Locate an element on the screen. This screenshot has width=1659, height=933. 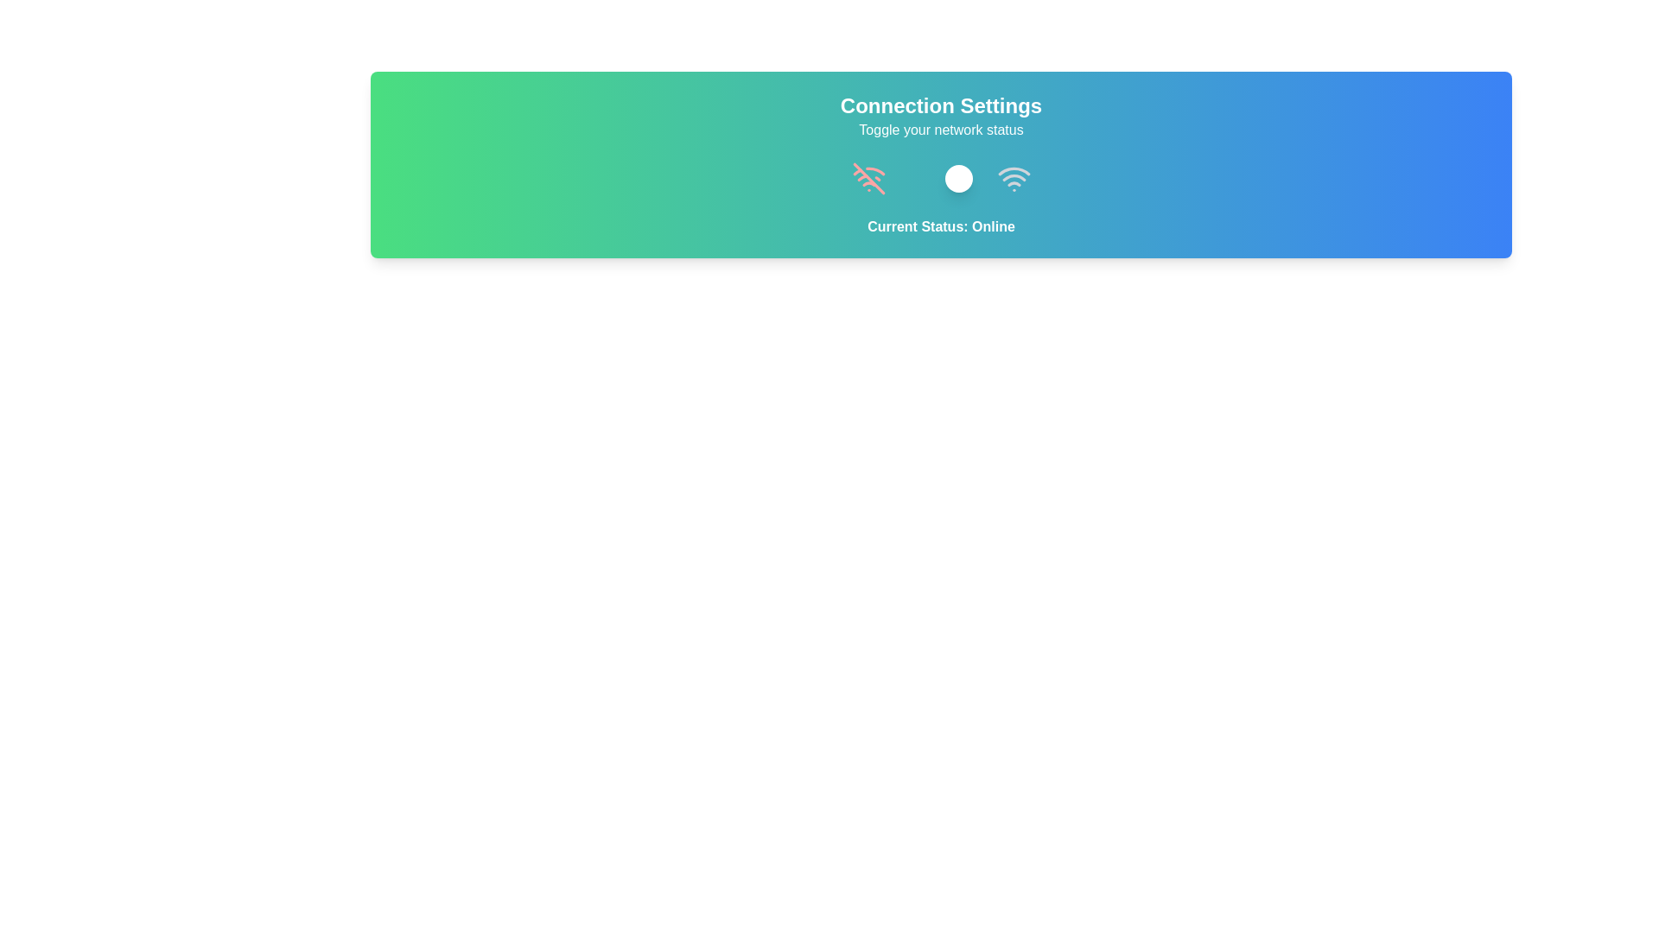
toggle button to change the network status is located at coordinates (940, 179).